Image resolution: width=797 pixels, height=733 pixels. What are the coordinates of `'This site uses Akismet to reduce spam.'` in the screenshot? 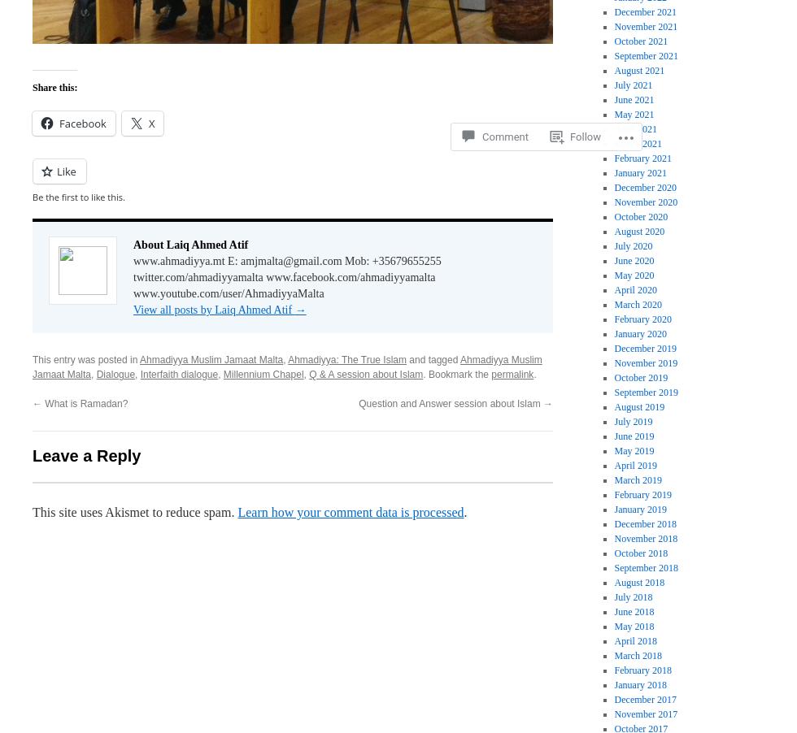 It's located at (135, 511).